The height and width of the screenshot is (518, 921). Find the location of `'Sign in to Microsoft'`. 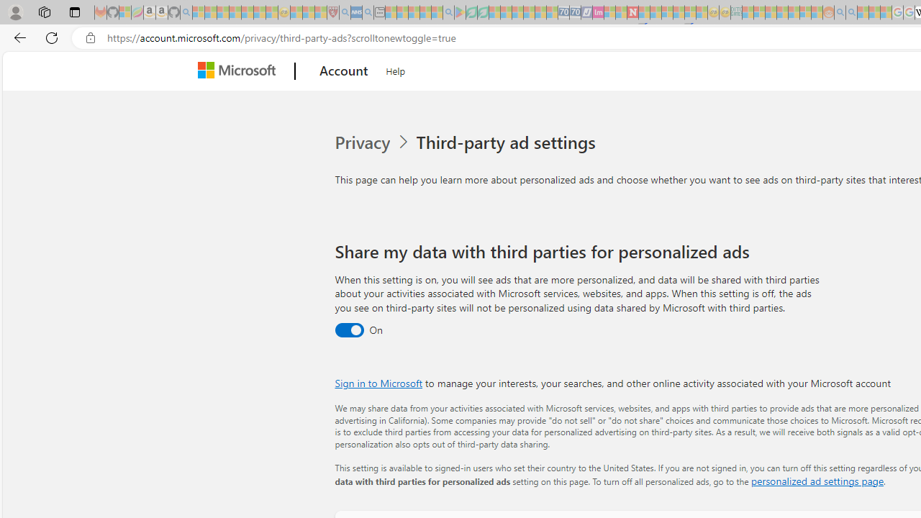

'Sign in to Microsoft' is located at coordinates (378, 382).